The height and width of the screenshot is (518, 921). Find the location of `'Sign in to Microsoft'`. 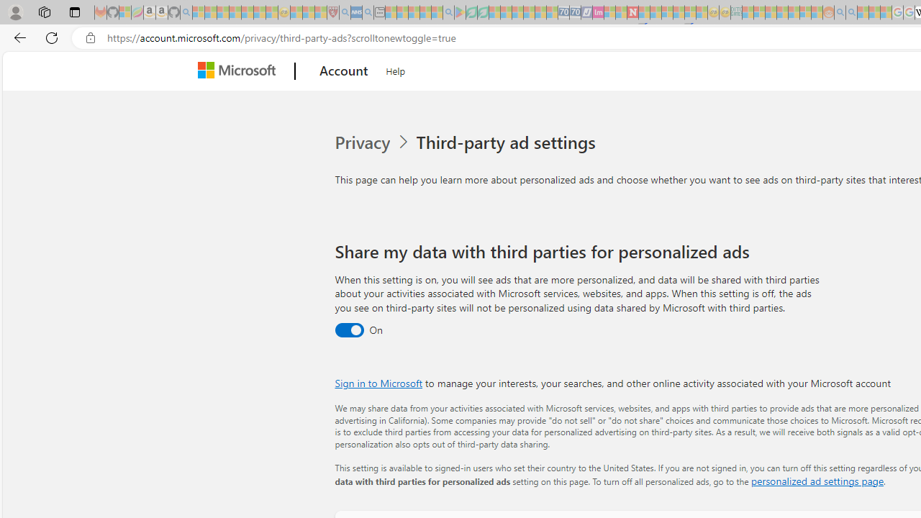

'Sign in to Microsoft' is located at coordinates (378, 382).